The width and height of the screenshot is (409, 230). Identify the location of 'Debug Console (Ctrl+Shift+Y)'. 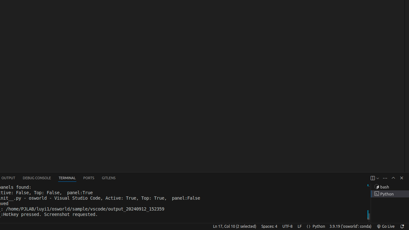
(36, 178).